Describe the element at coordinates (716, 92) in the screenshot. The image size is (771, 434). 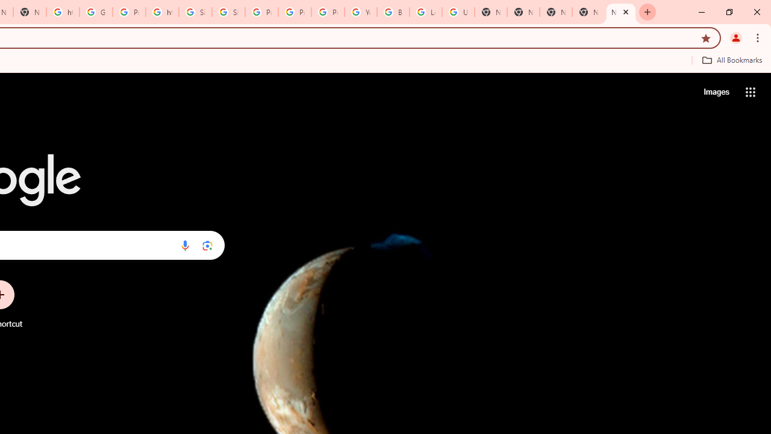
I see `'Search for Images '` at that location.